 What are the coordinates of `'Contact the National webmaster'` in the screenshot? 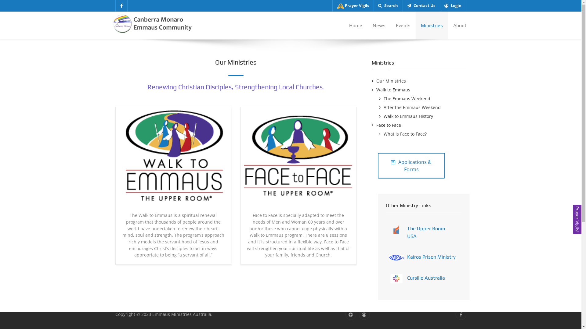 It's located at (351, 314).